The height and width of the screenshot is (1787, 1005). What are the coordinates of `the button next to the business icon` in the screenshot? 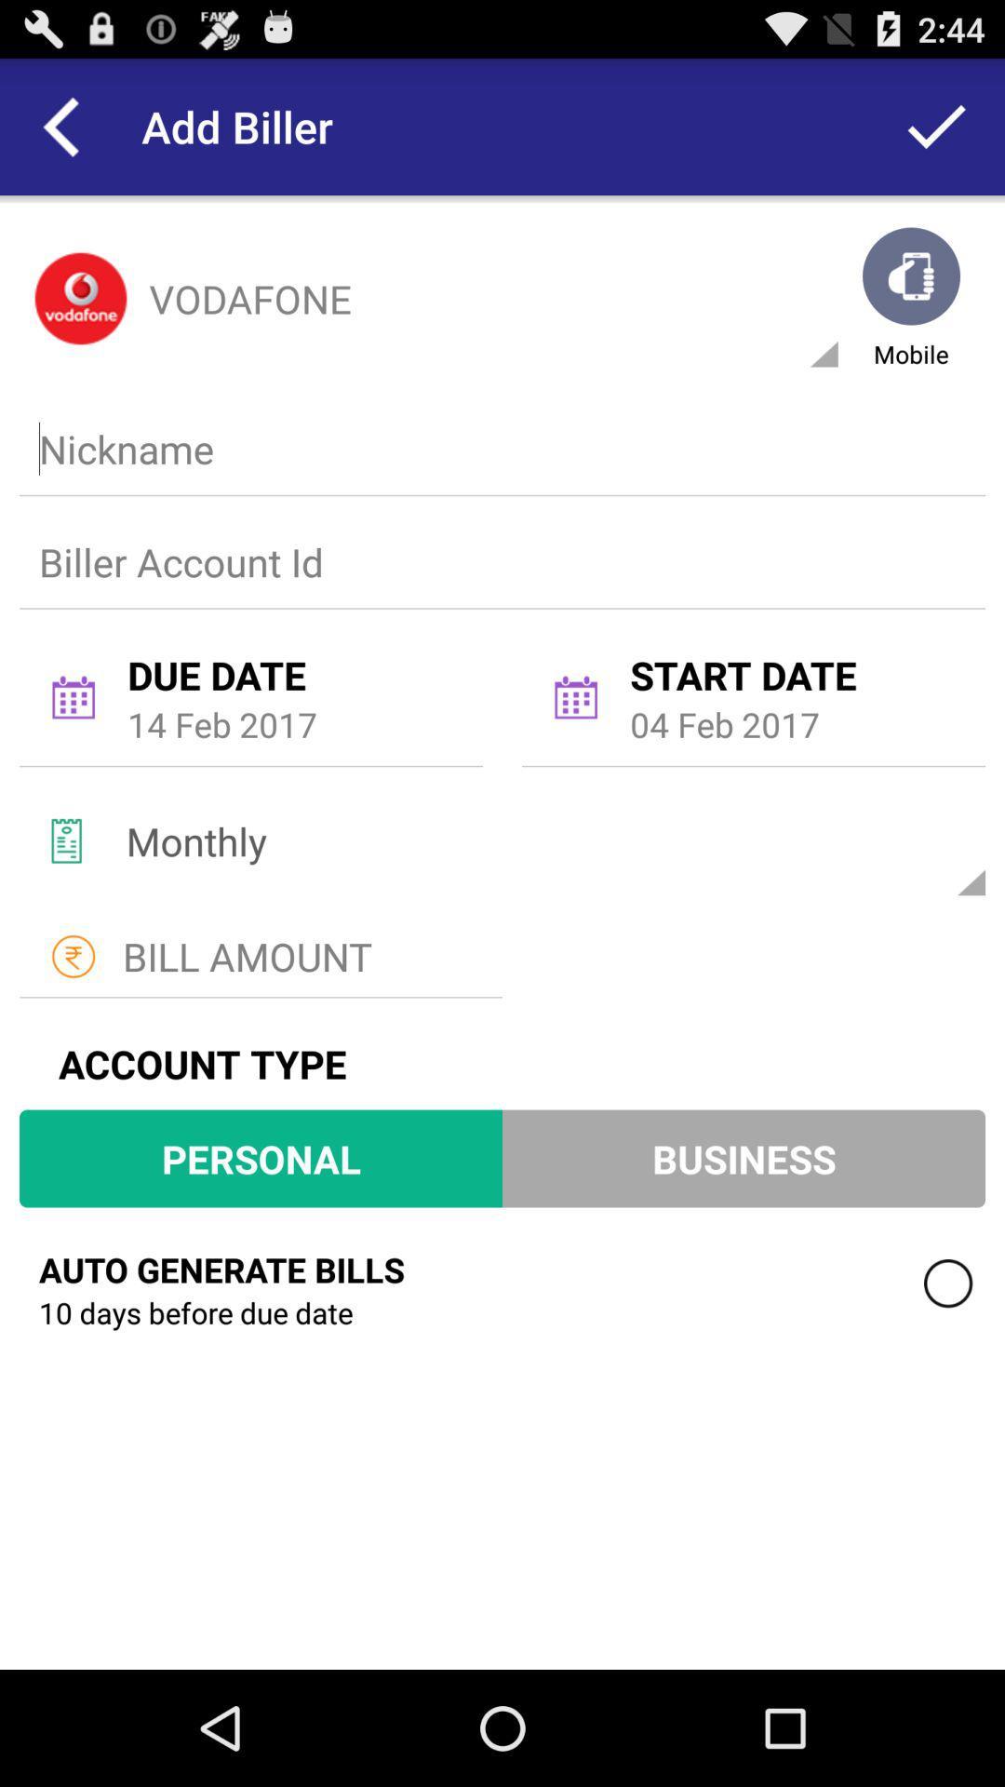 It's located at (261, 1157).